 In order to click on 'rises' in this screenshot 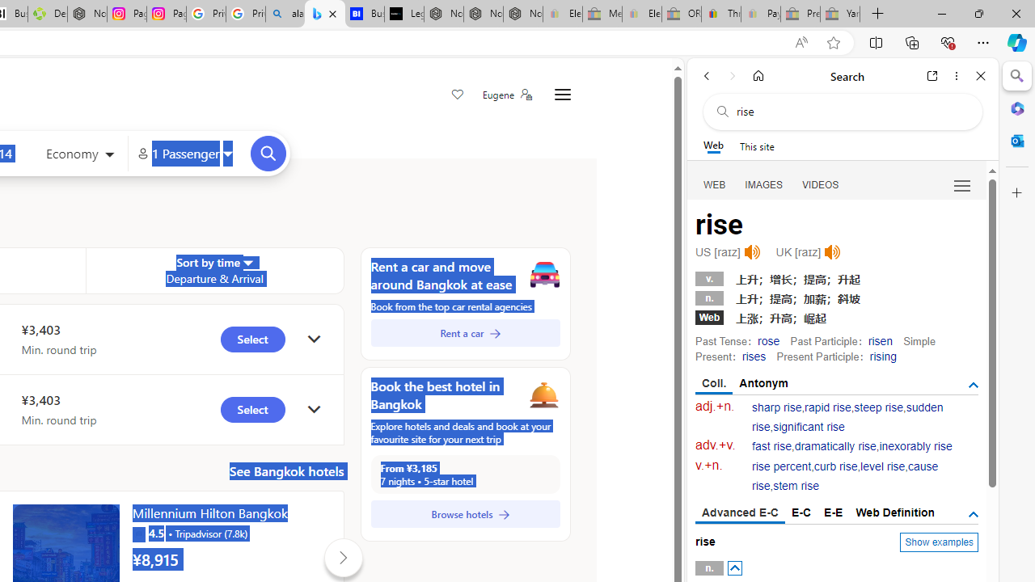, I will do `click(753, 356)`.